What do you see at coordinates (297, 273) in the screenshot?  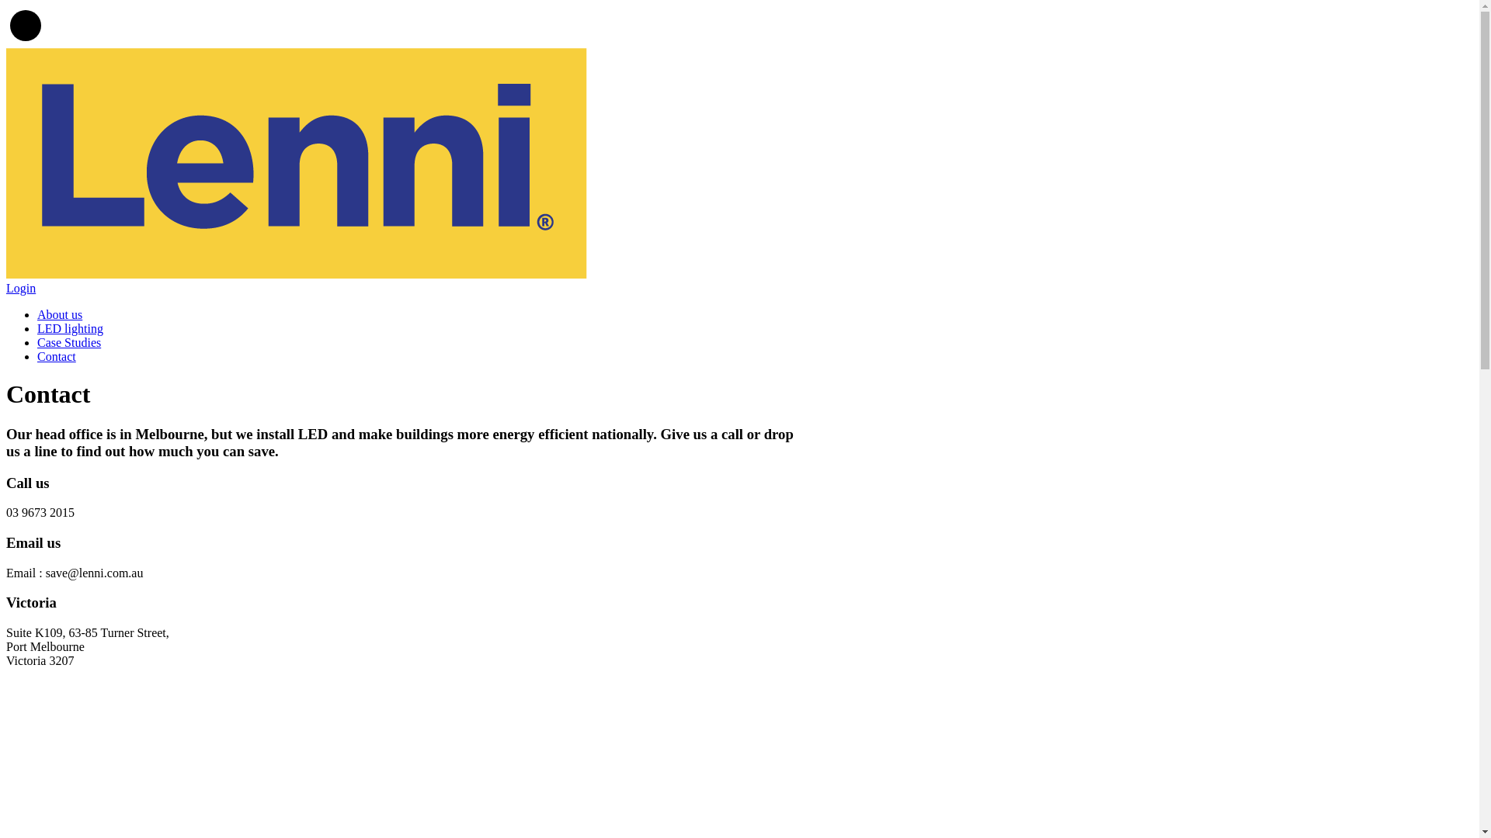 I see `'Lenni'` at bounding box center [297, 273].